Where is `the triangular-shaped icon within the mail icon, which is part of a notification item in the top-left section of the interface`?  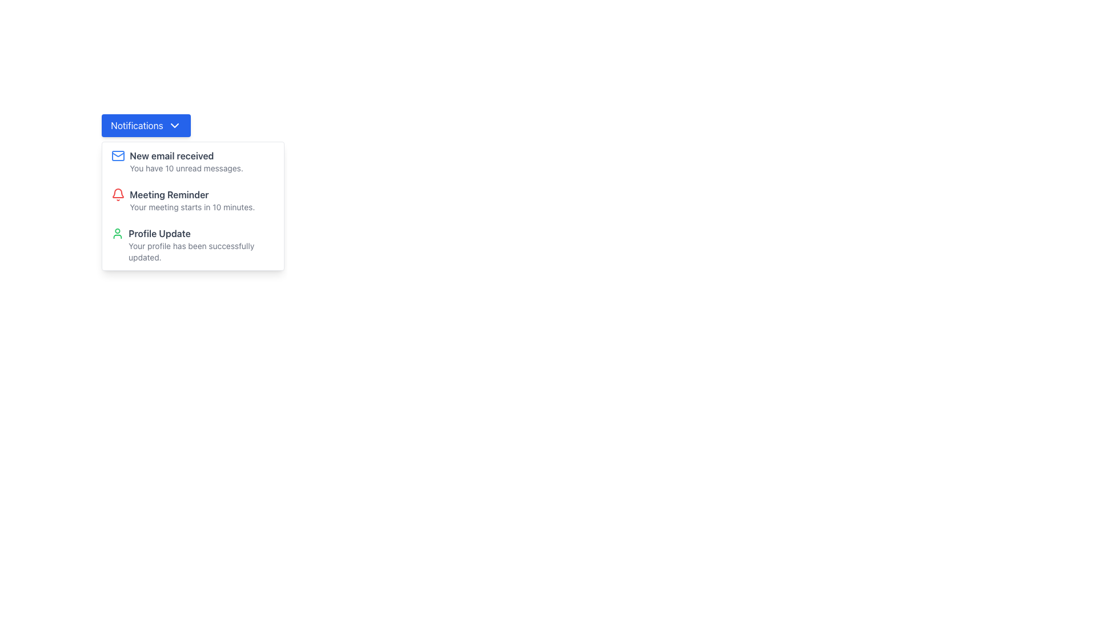
the triangular-shaped icon within the mail icon, which is part of a notification item in the top-left section of the interface is located at coordinates (118, 154).